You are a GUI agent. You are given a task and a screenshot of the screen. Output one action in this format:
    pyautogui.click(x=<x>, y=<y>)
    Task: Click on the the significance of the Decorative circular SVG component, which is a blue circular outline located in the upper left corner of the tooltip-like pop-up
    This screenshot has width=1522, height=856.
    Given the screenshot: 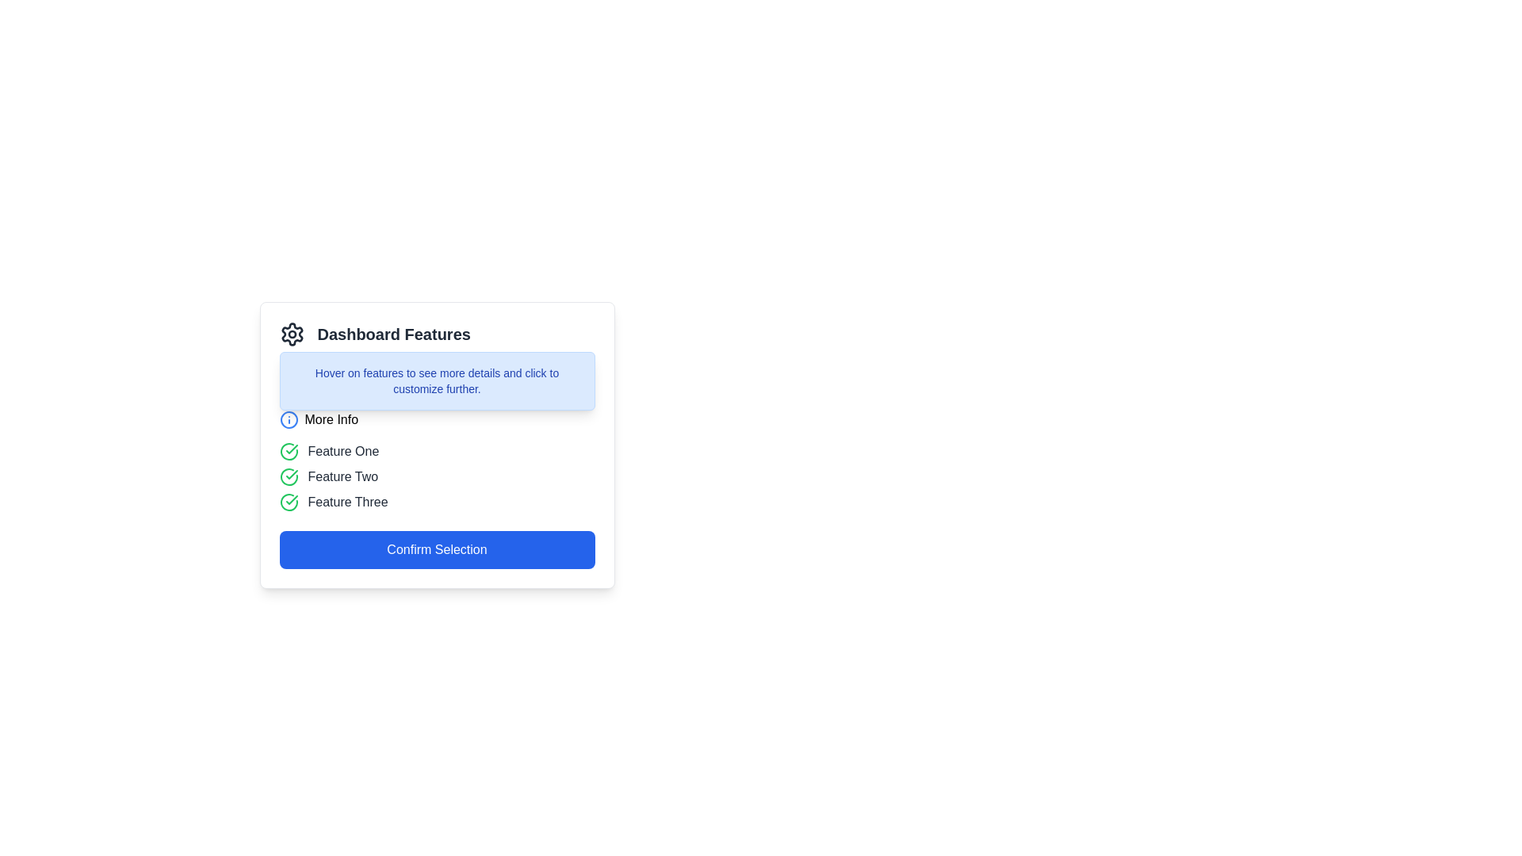 What is the action you would take?
    pyautogui.click(x=289, y=418)
    